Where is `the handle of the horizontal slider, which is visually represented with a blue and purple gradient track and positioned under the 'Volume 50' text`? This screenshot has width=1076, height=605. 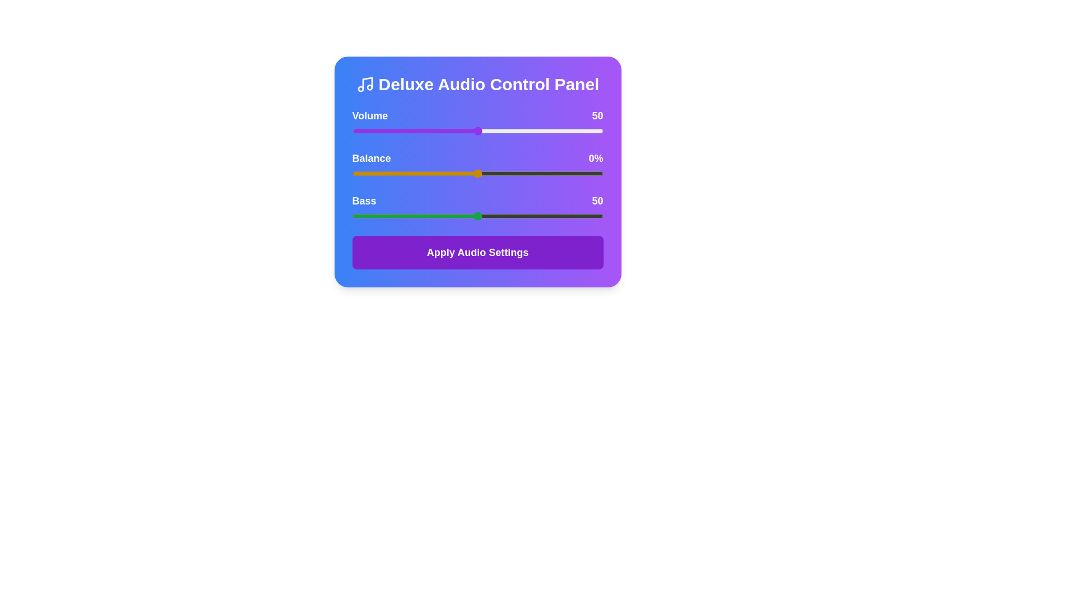 the handle of the horizontal slider, which is visually represented with a blue and purple gradient track and positioned under the 'Volume 50' text is located at coordinates (477, 123).